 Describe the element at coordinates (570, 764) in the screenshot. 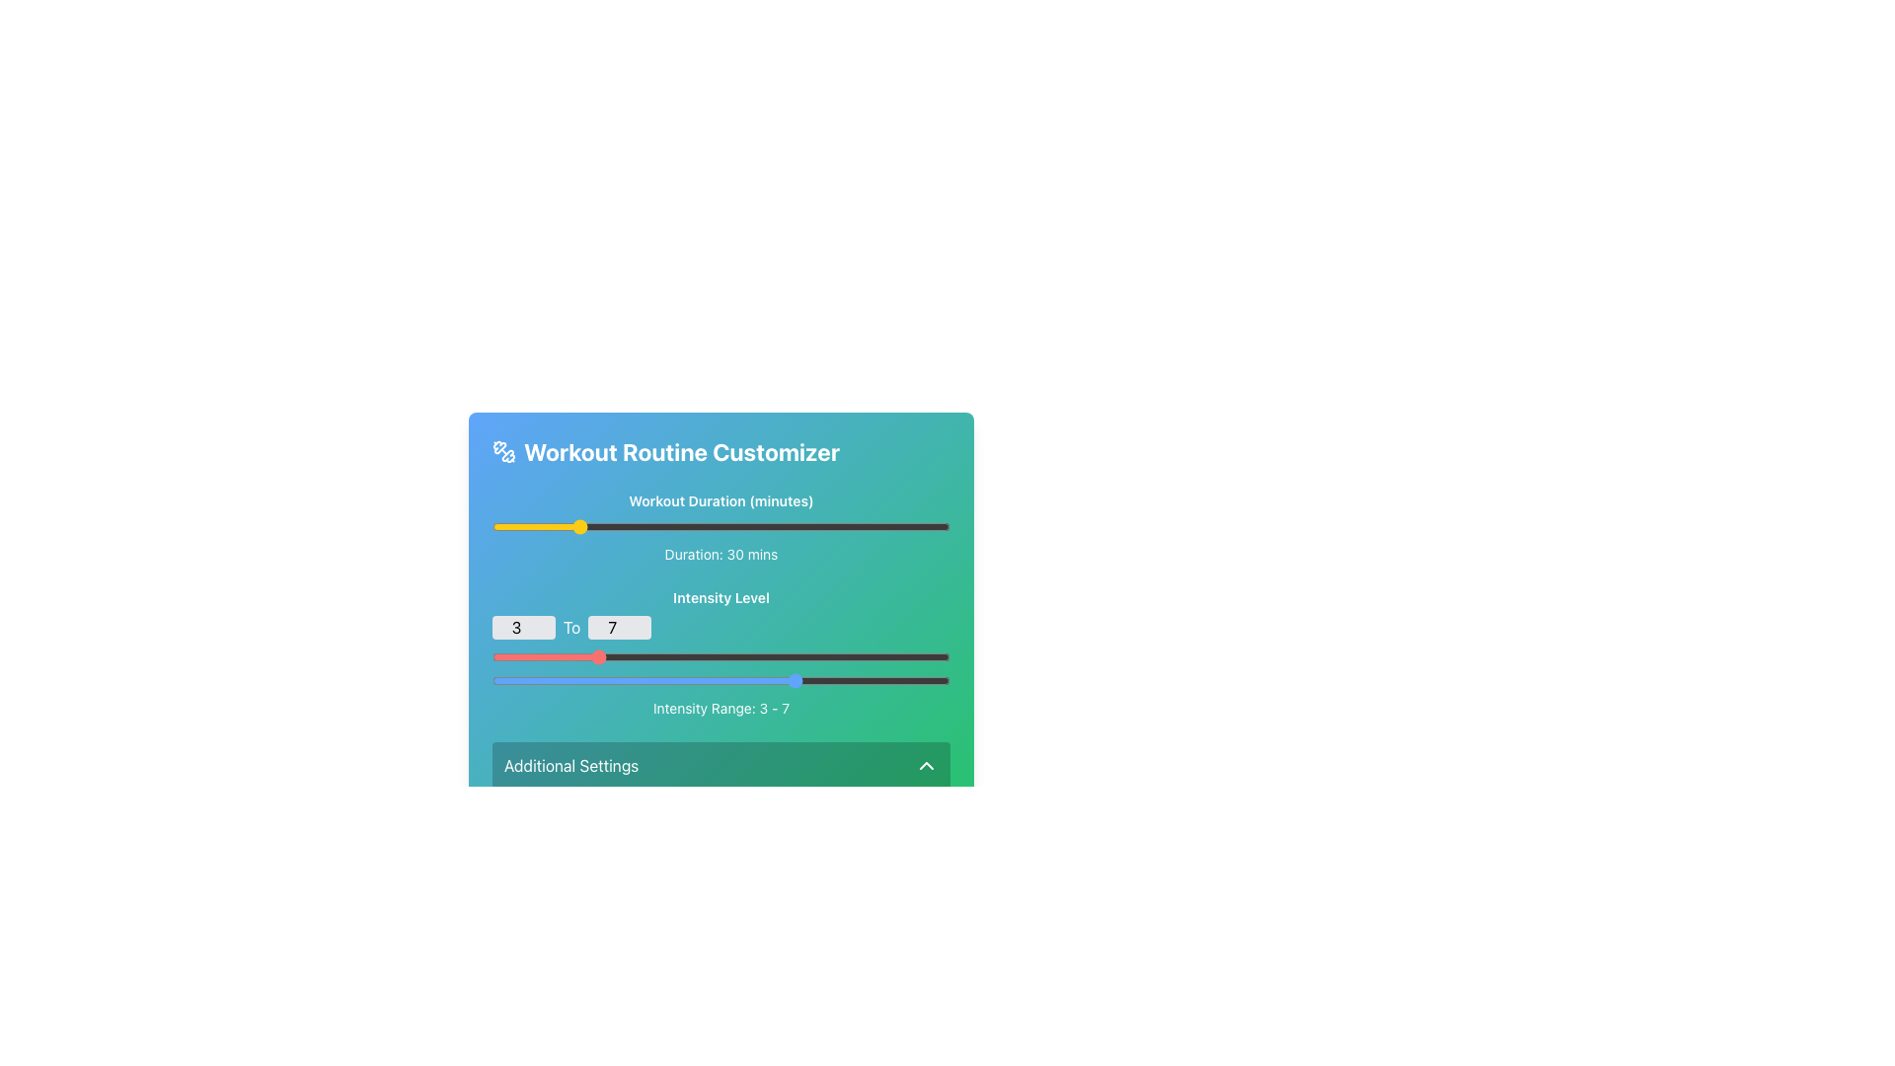

I see `the label that indicates additional configuration options for the interface, located near the bottom of the panel with rounded corners` at that location.